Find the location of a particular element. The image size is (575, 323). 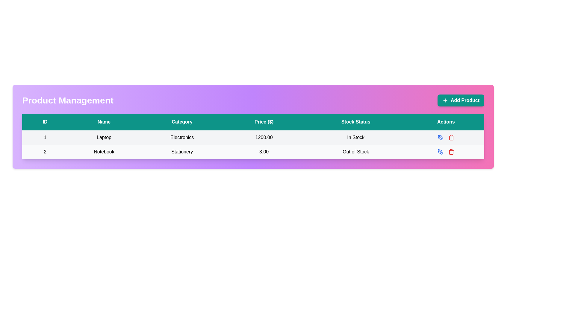

the red icon in the Actions column of the first row of the table, which represents the delete function is located at coordinates (446, 137).